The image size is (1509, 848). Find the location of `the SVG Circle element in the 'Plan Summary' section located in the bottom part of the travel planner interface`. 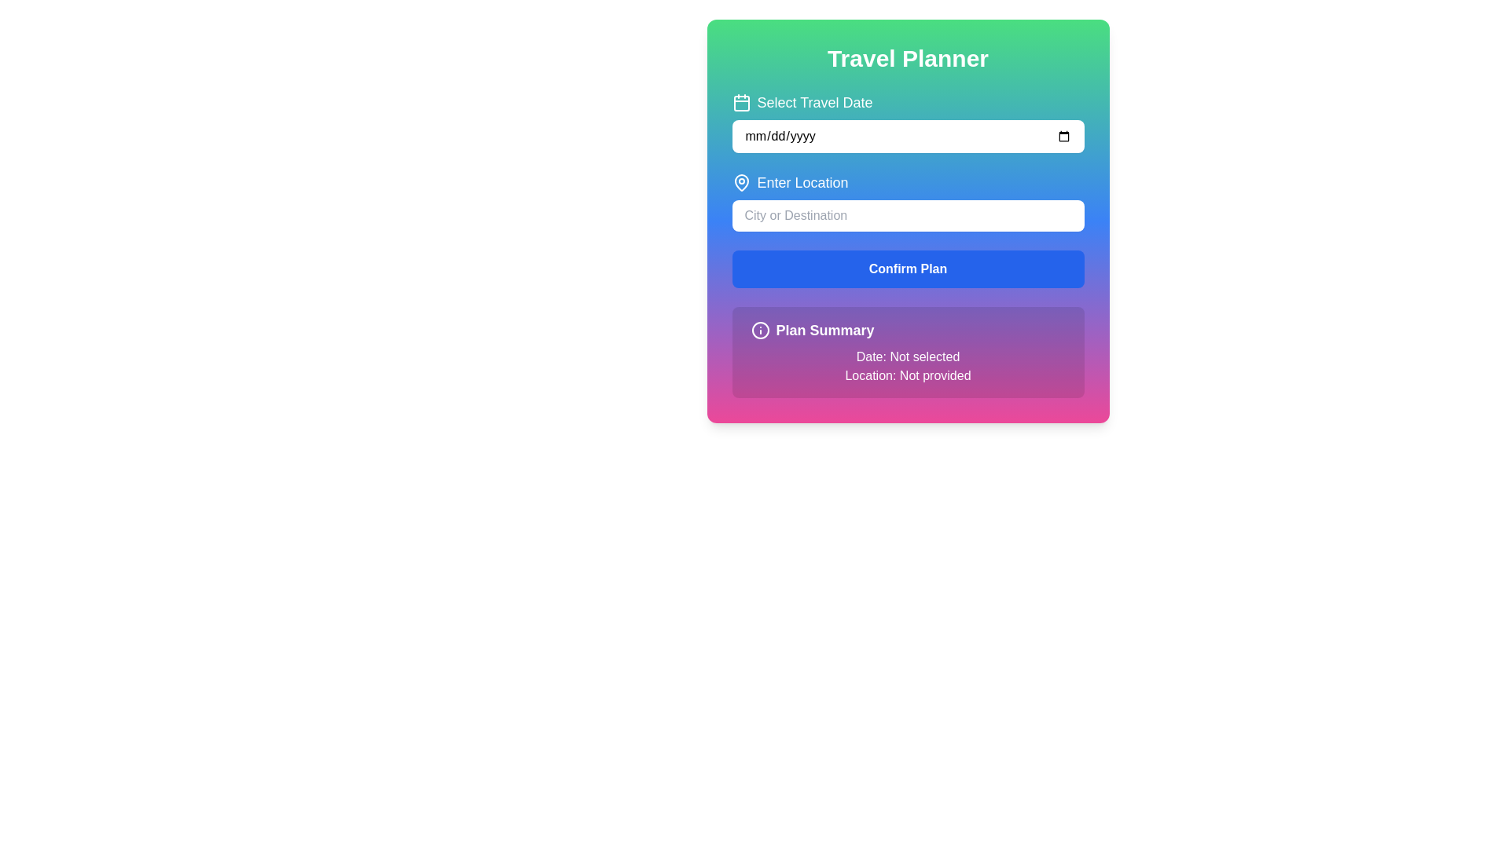

the SVG Circle element in the 'Plan Summary' section located in the bottom part of the travel planner interface is located at coordinates (760, 329).